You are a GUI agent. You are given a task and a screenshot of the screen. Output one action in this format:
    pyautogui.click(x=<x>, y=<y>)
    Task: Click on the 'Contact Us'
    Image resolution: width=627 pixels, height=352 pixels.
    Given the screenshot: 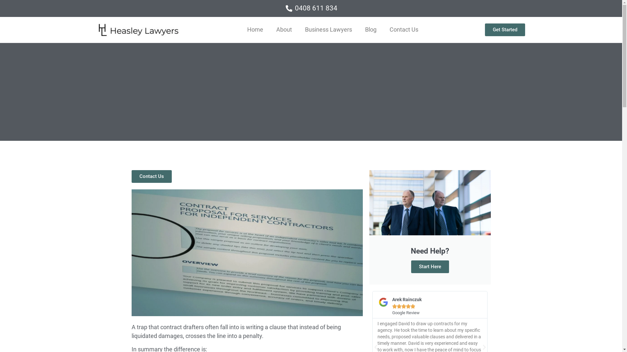 What is the action you would take?
    pyautogui.click(x=383, y=30)
    